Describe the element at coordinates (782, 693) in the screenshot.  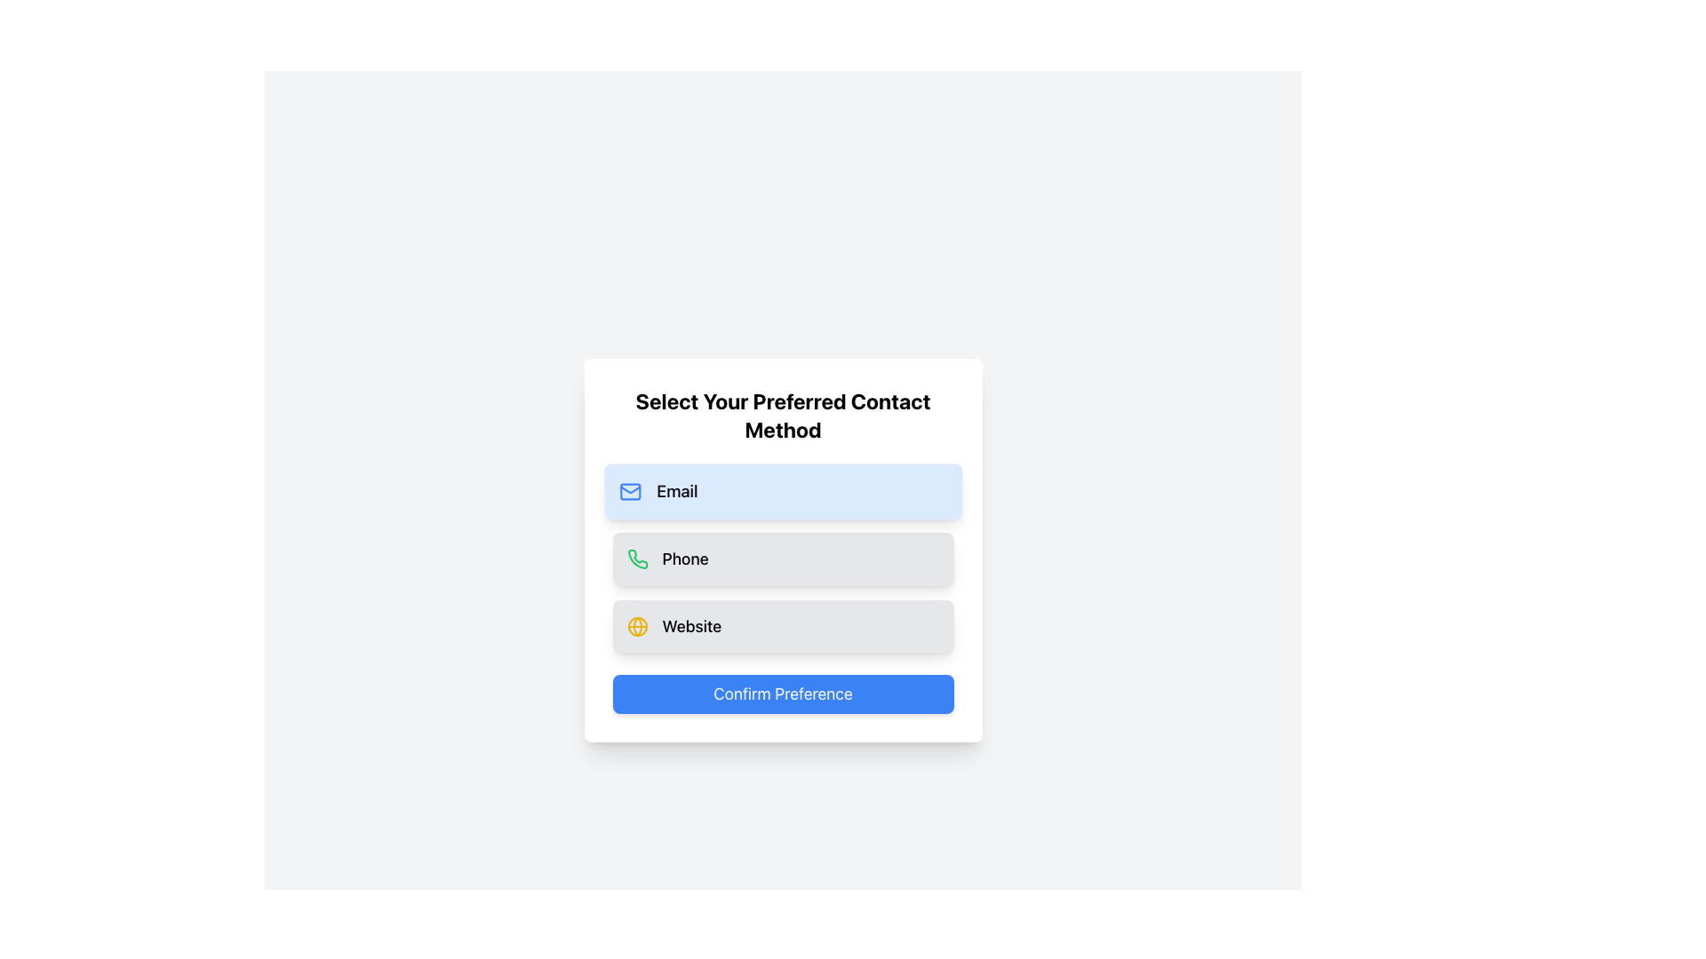
I see `the wide rectangular blue button labeled 'Confirm Preference' located at the bottom of the interface card` at that location.